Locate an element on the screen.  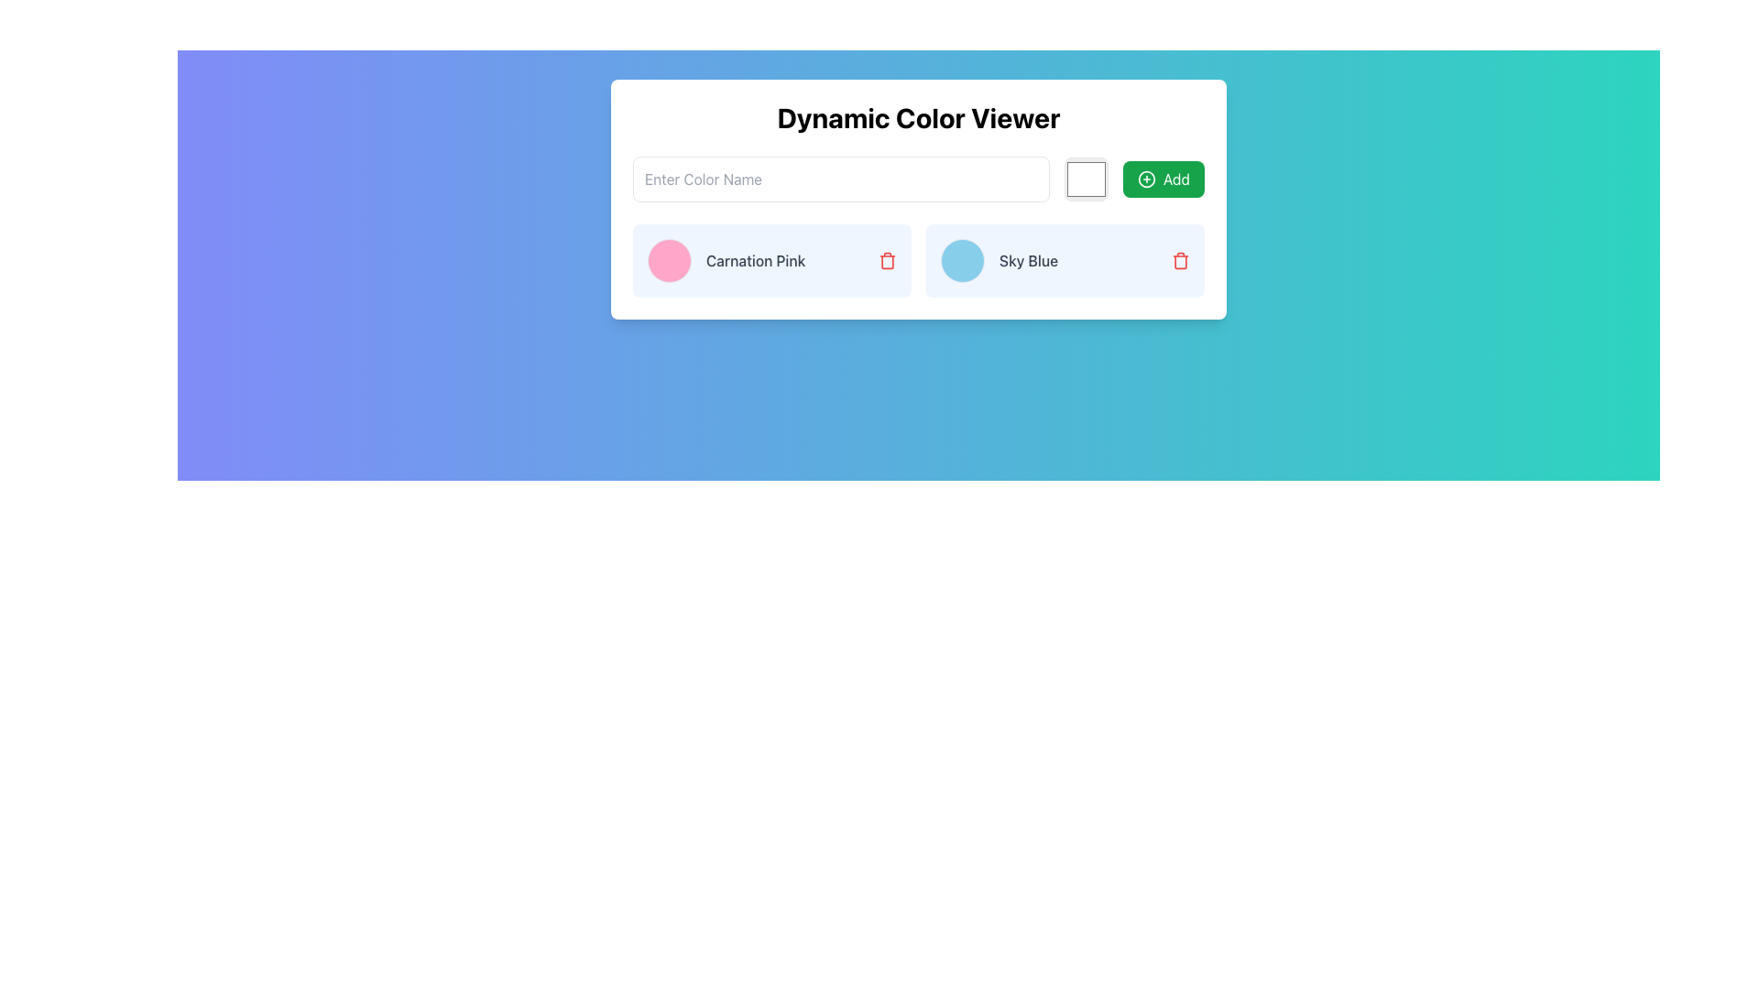
the color indicator representing 'Sky Blue', located immediately to the left of the text 'Sky Blue' and before a delete button is located at coordinates (962, 261).